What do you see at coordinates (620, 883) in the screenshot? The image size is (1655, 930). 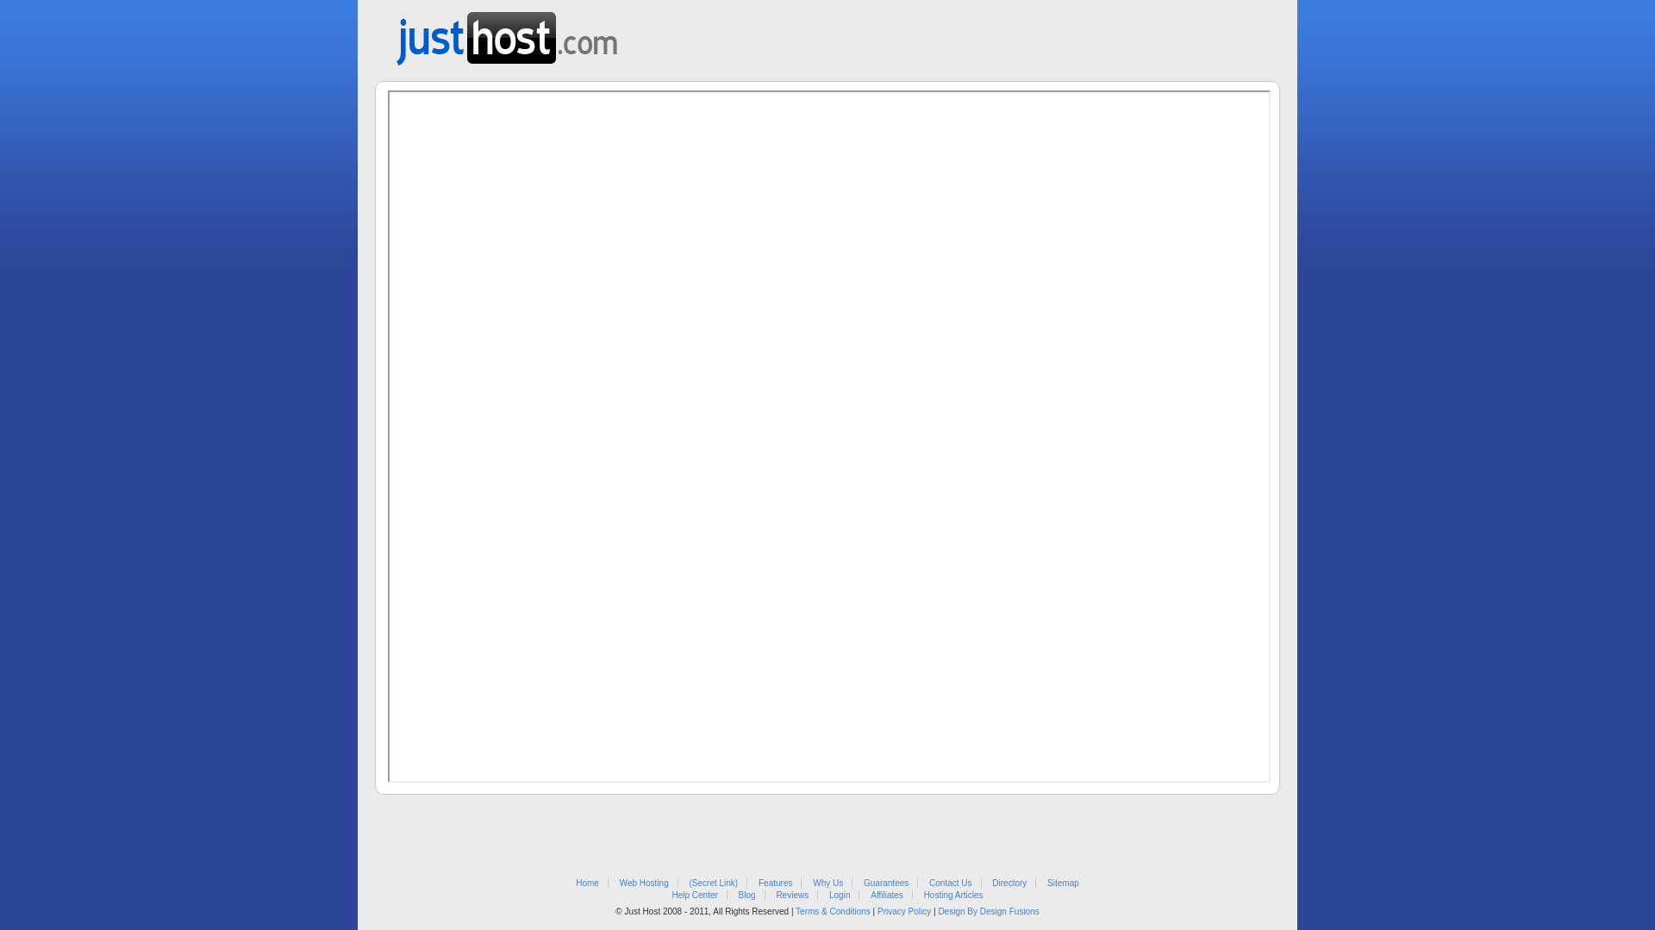 I see `'Web Hosting'` at bounding box center [620, 883].